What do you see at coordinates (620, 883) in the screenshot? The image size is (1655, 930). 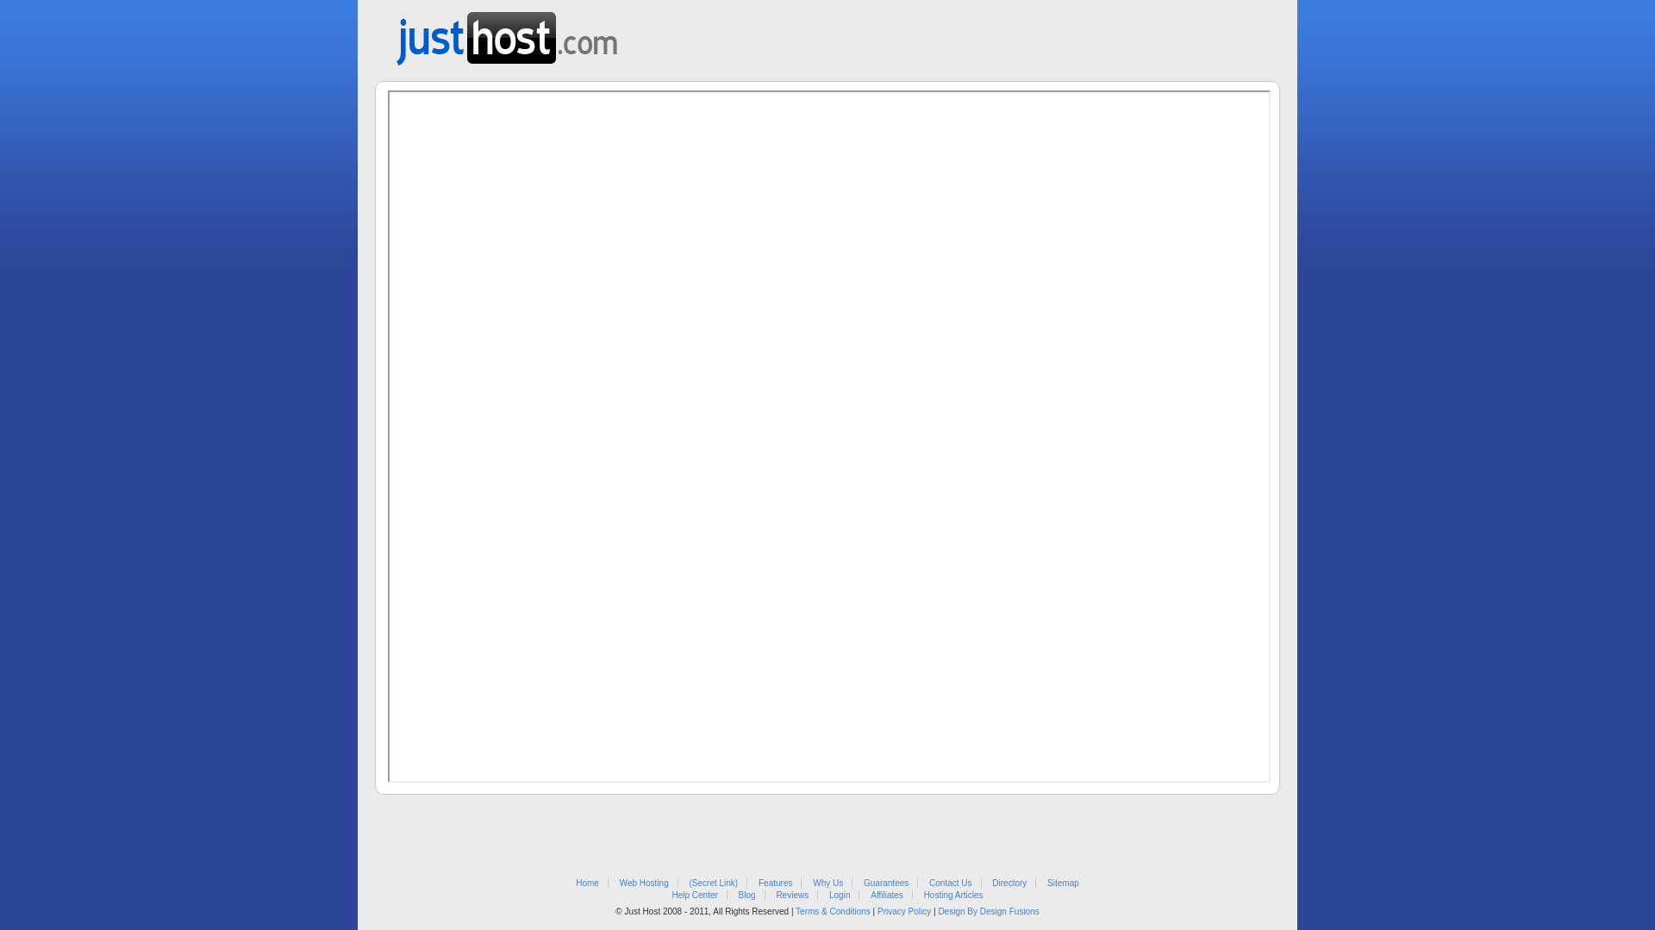 I see `'Web Hosting'` at bounding box center [620, 883].